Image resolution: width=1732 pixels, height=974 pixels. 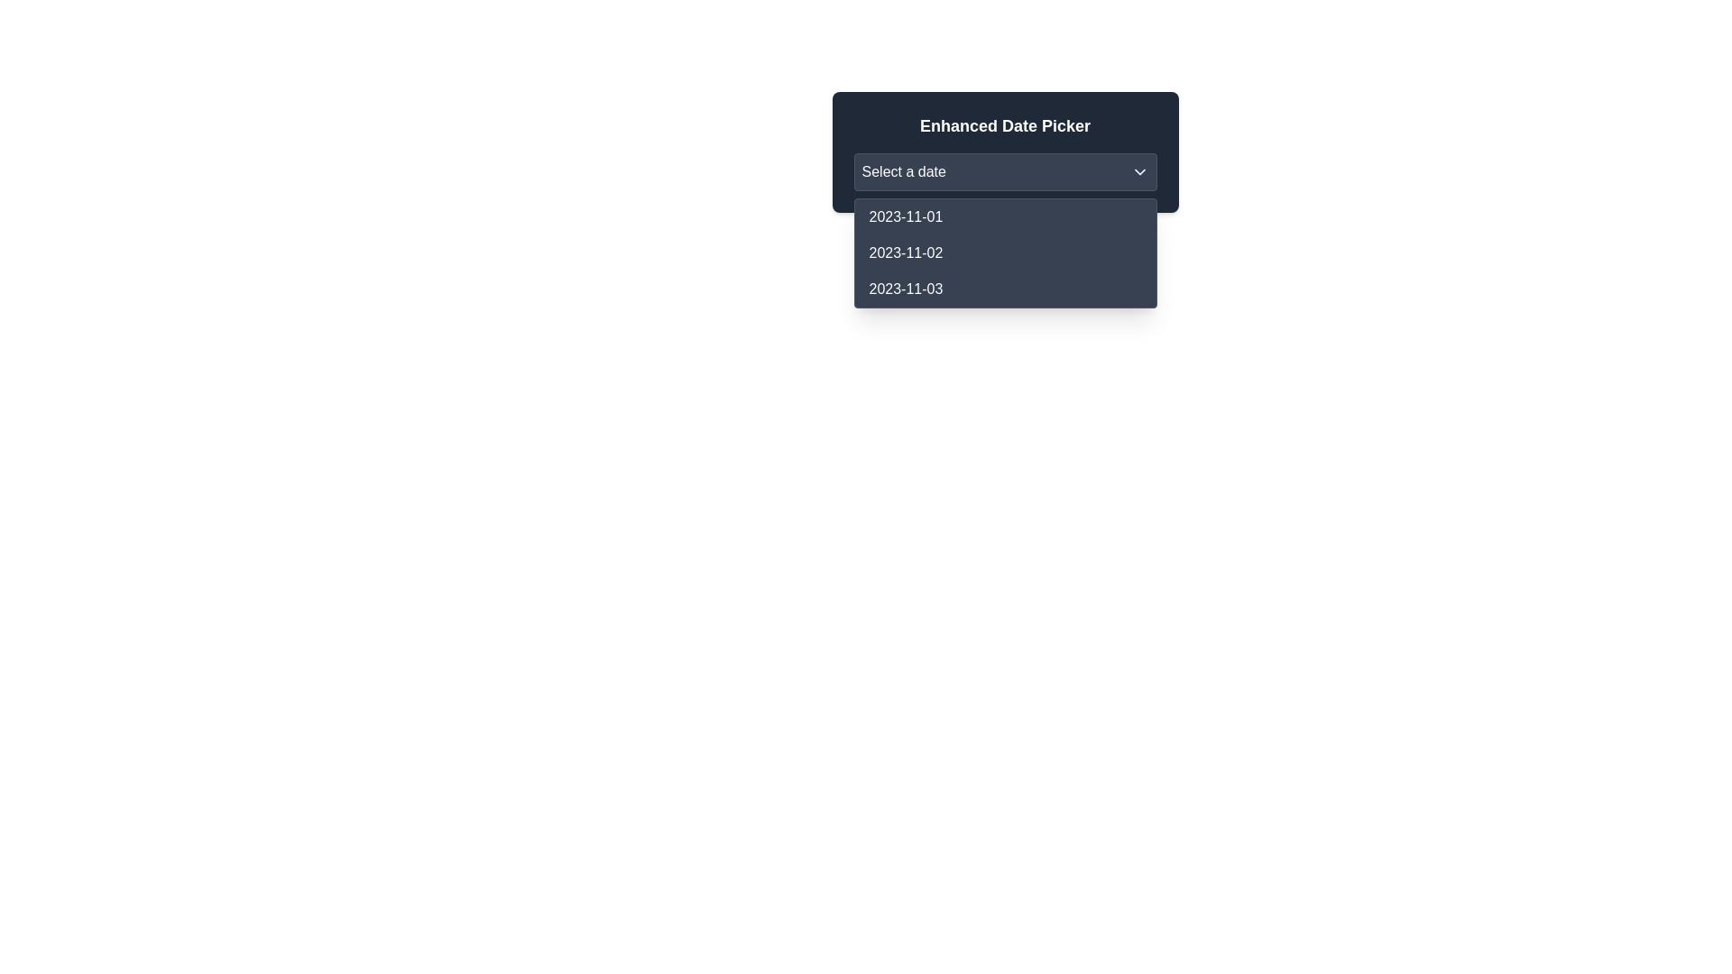 I want to click on the second option '2023-11-02' in the Dropdown menu located below the 'Select a date' box, so click(x=1004, y=253).